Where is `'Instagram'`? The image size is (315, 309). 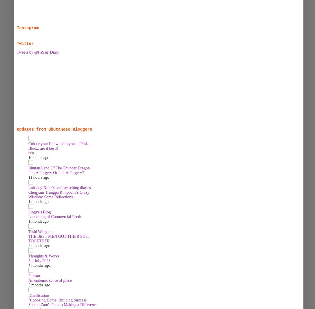
'Instagram' is located at coordinates (28, 28).